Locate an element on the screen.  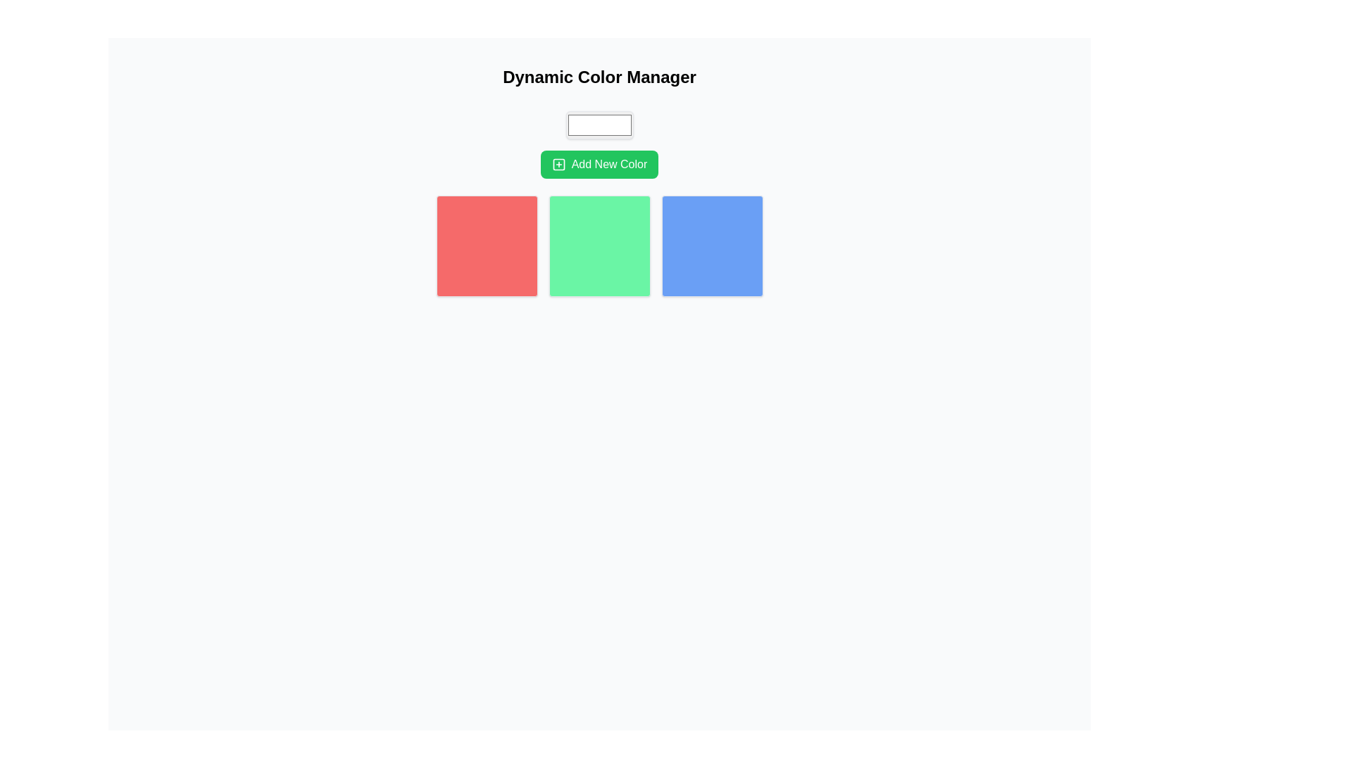
the middle decorative color block in a horizontal set of three squares is located at coordinates (599, 246).